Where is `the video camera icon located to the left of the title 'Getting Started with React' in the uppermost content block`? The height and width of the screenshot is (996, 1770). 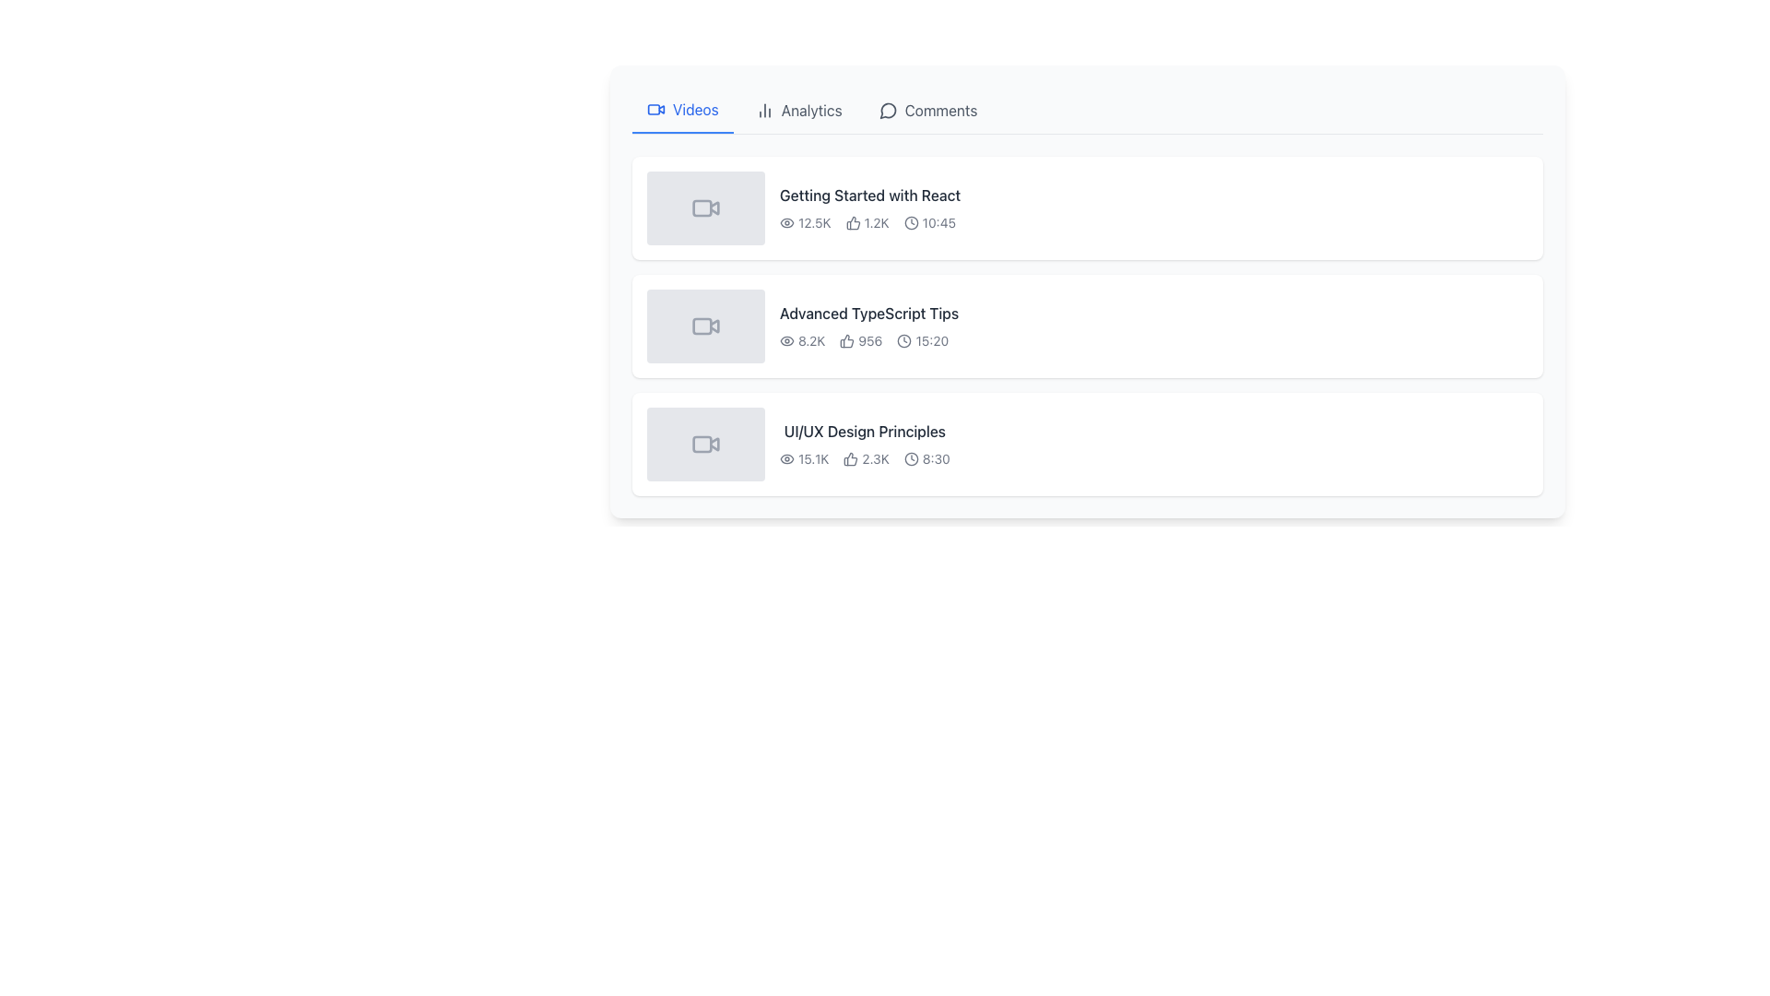
the video camera icon located to the left of the title 'Getting Started with React' in the uppermost content block is located at coordinates (705, 207).